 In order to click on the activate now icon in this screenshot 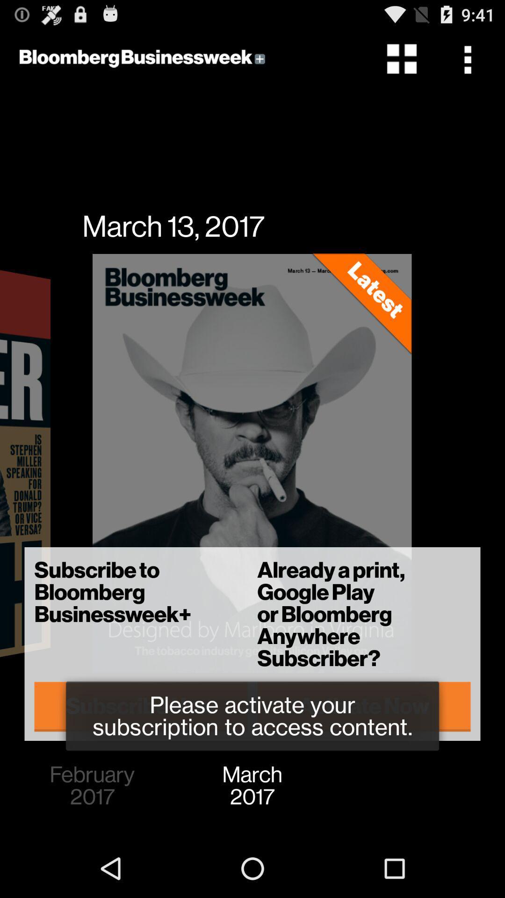, I will do `click(363, 706)`.